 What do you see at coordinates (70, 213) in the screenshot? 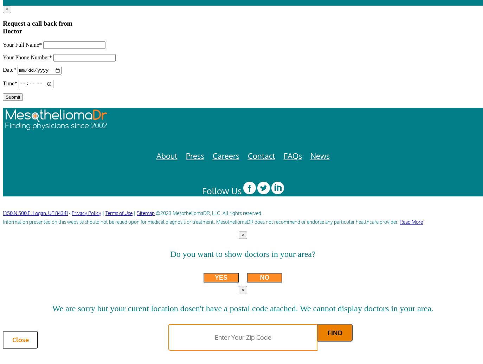
I see `'-'` at bounding box center [70, 213].